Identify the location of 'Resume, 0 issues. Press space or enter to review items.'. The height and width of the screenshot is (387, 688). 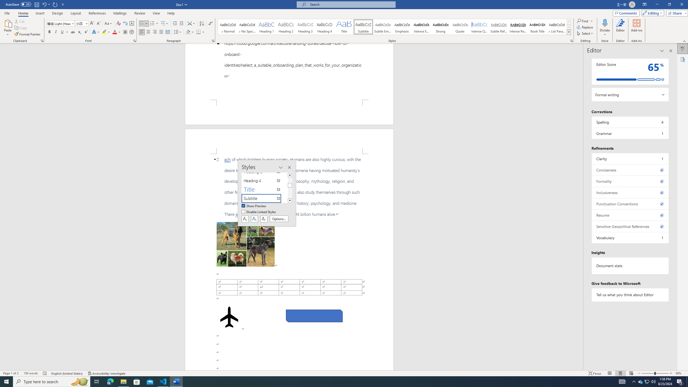
(630, 215).